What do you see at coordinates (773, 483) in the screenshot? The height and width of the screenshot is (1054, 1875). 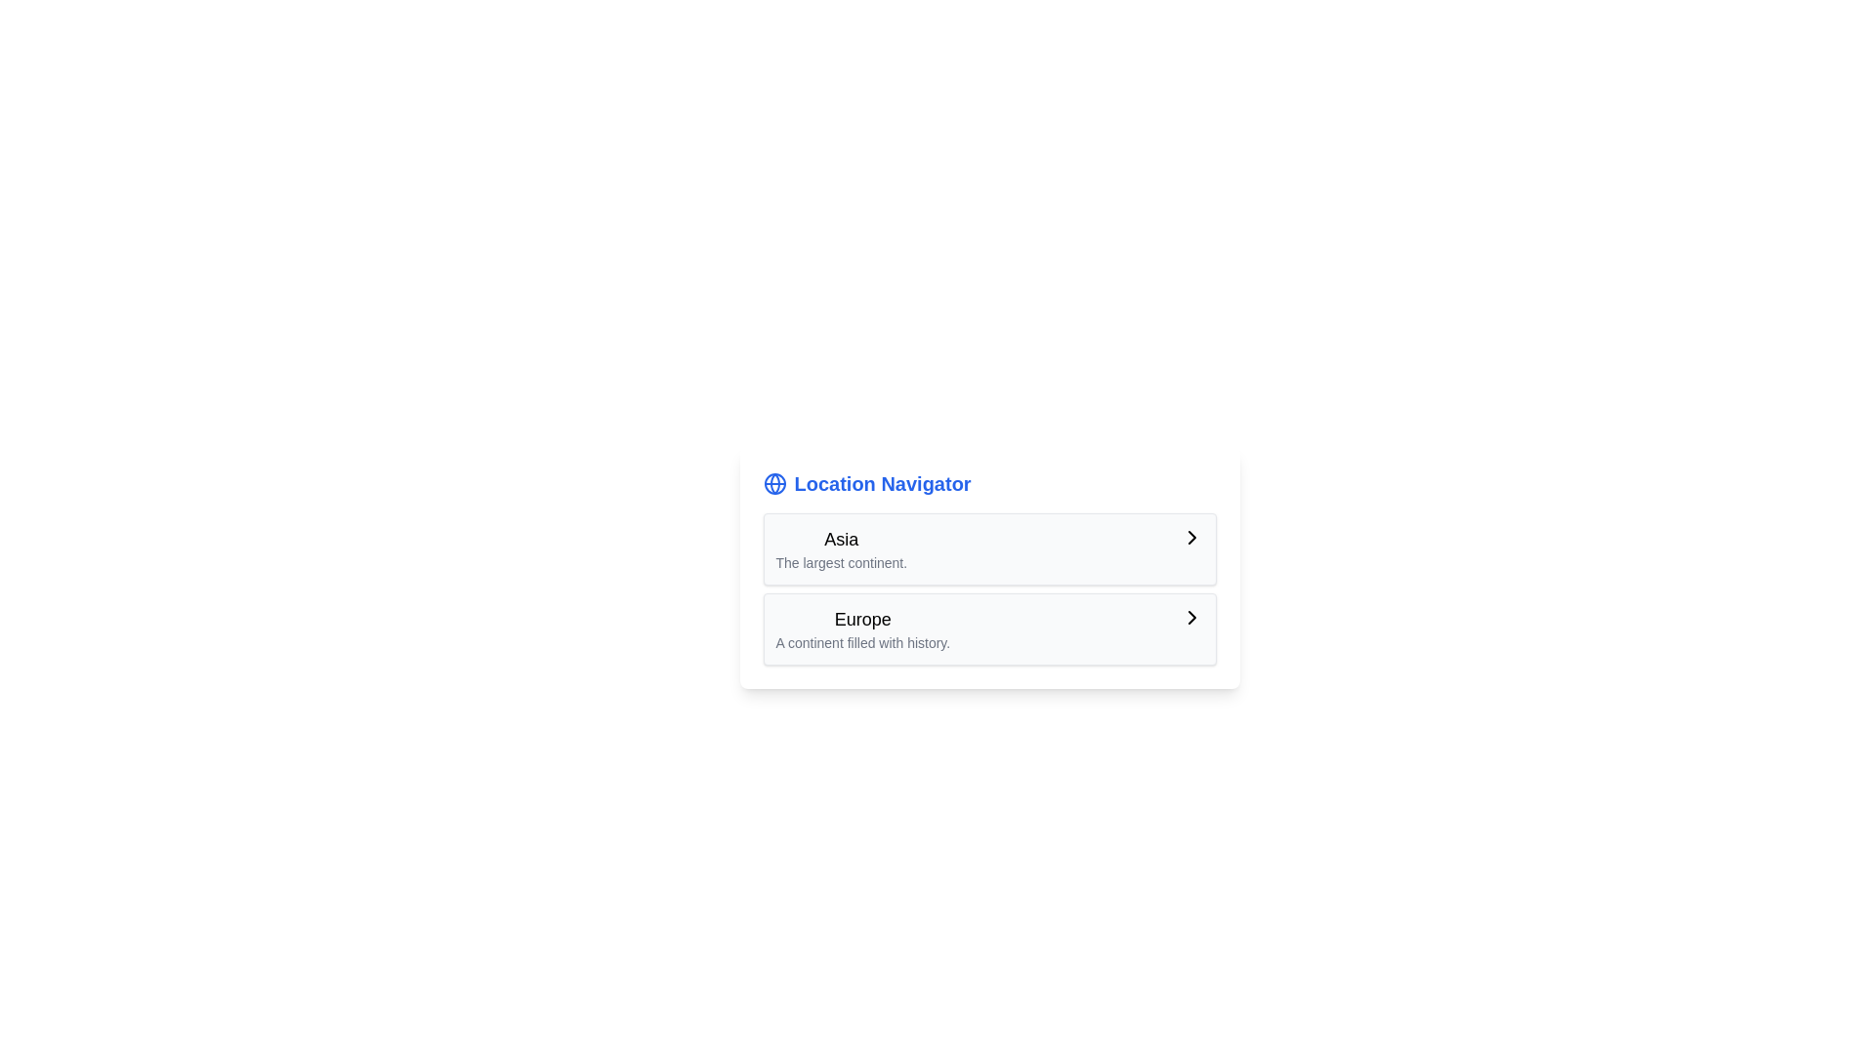 I see `the circular element at the center of the globe icon, which has a blue stroke and white background, located to the left of the 'Location Navigator' title in the header section` at bounding box center [773, 483].